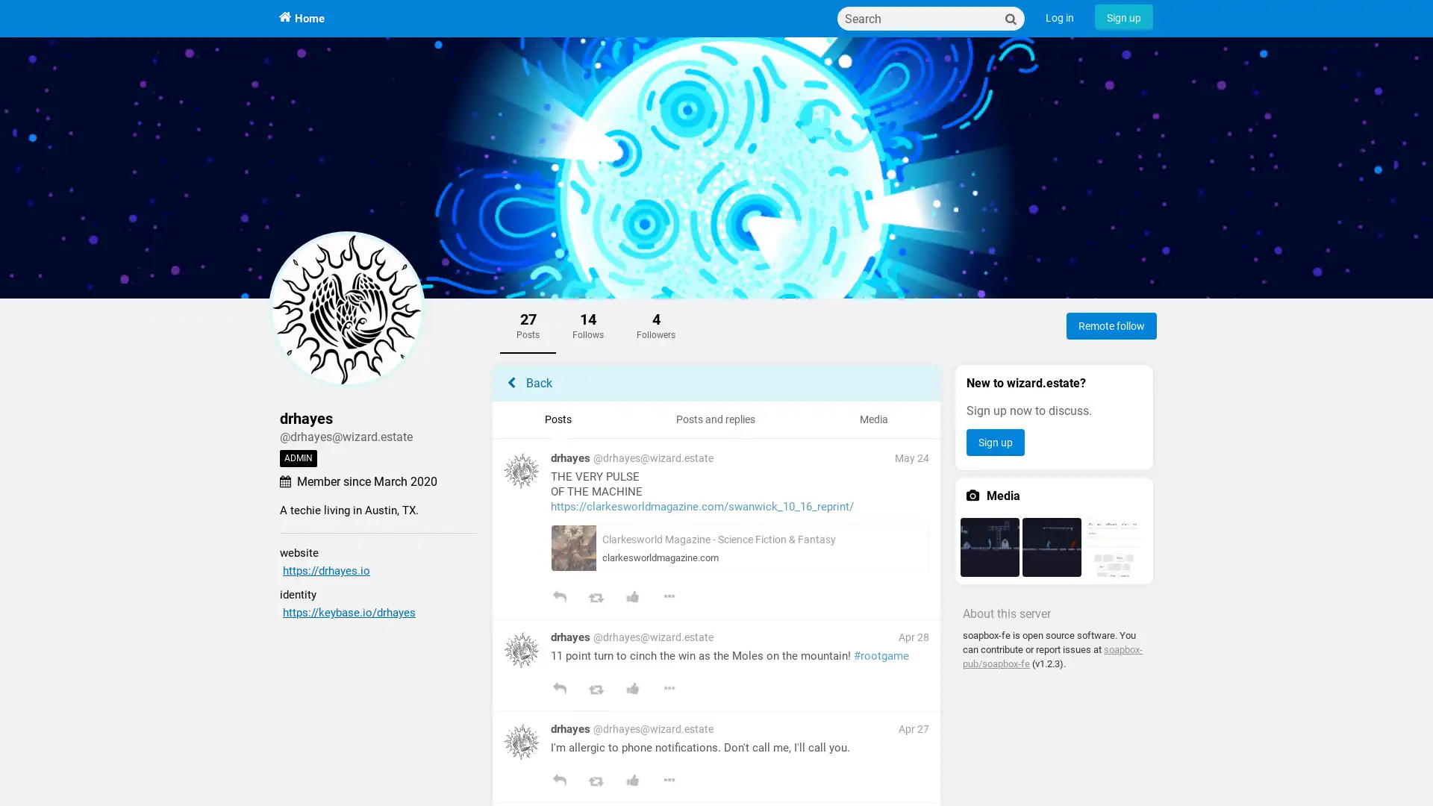 The image size is (1433, 806). I want to click on Reply, so click(558, 598).